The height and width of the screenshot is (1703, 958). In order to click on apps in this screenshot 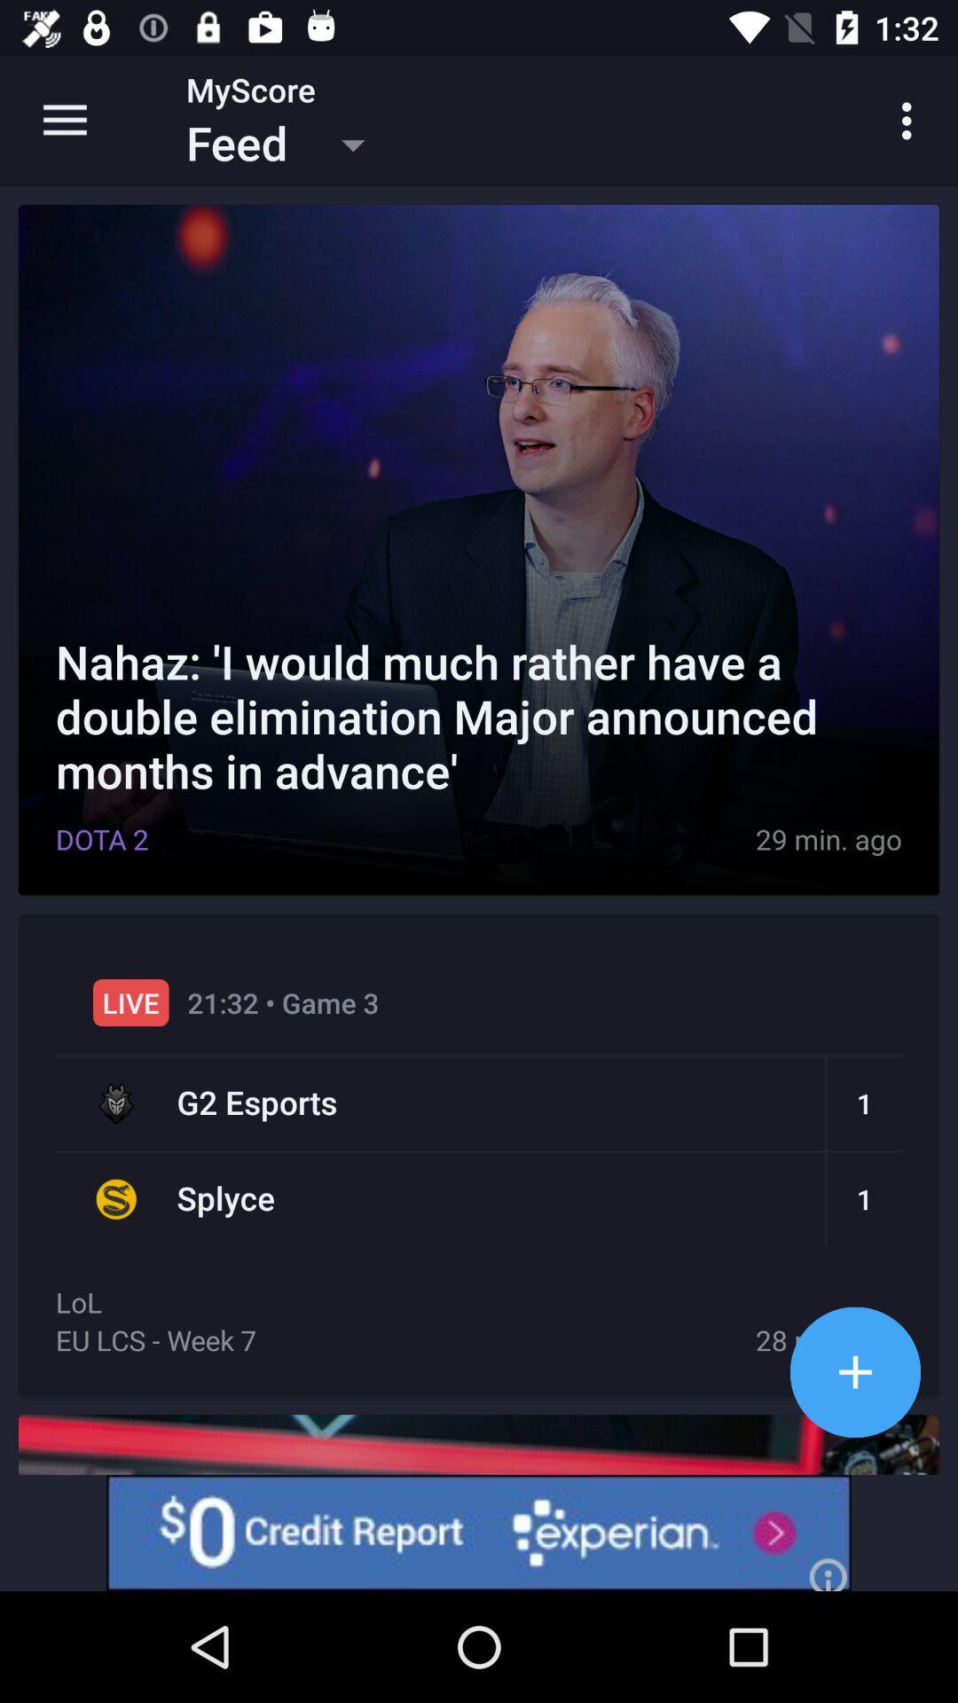, I will do `click(854, 1371)`.